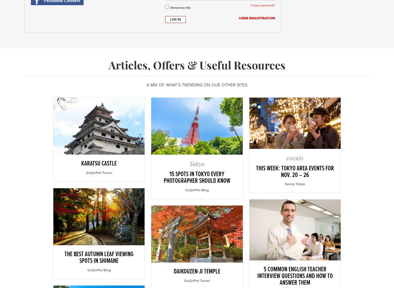  I want to click on 'This Week: Tokyo Area Events for Nov. 20 – 26', so click(295, 172).